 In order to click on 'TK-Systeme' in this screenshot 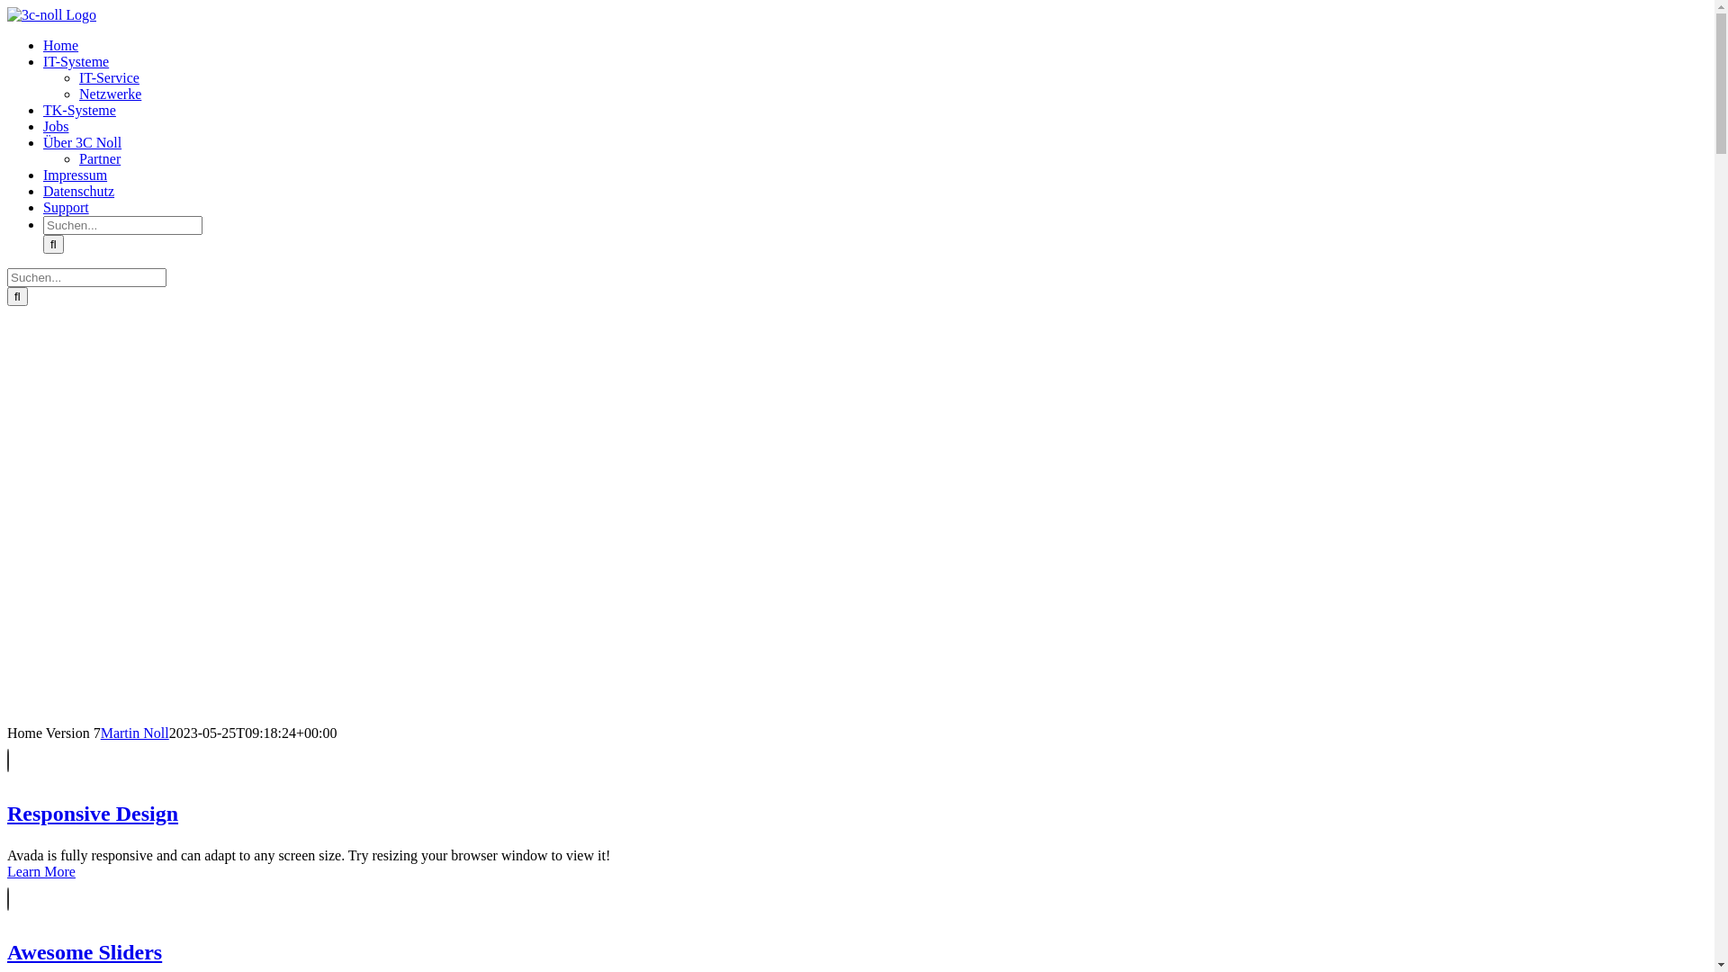, I will do `click(78, 110)`.